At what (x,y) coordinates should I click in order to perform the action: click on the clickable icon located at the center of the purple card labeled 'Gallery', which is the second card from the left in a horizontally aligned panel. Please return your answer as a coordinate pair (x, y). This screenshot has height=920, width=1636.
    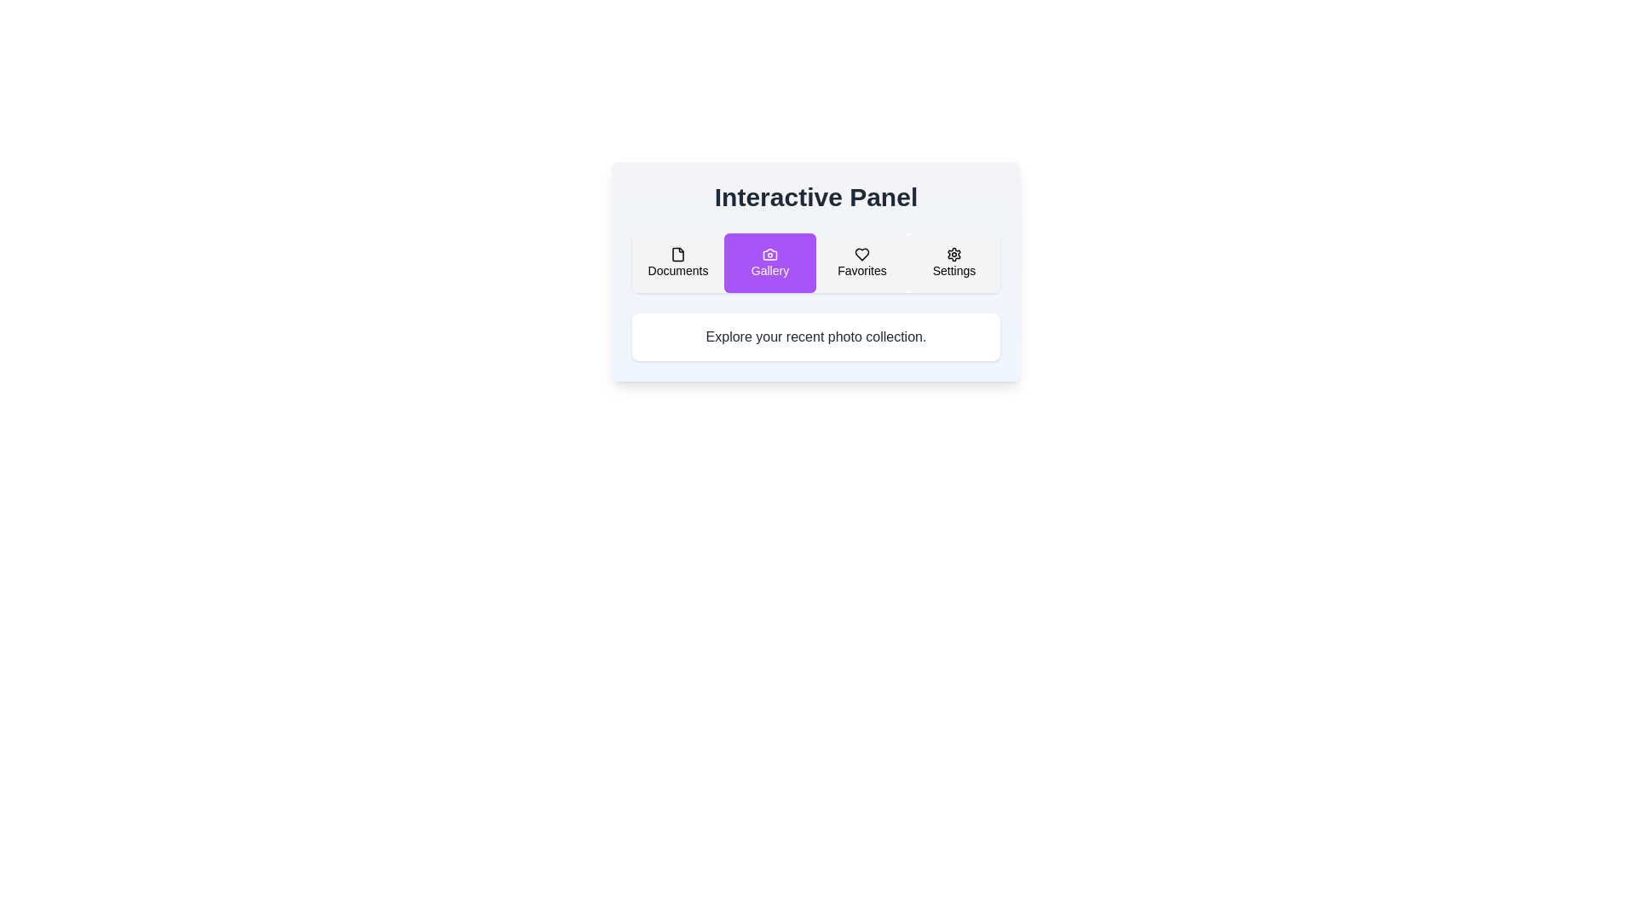
    Looking at the image, I should click on (769, 255).